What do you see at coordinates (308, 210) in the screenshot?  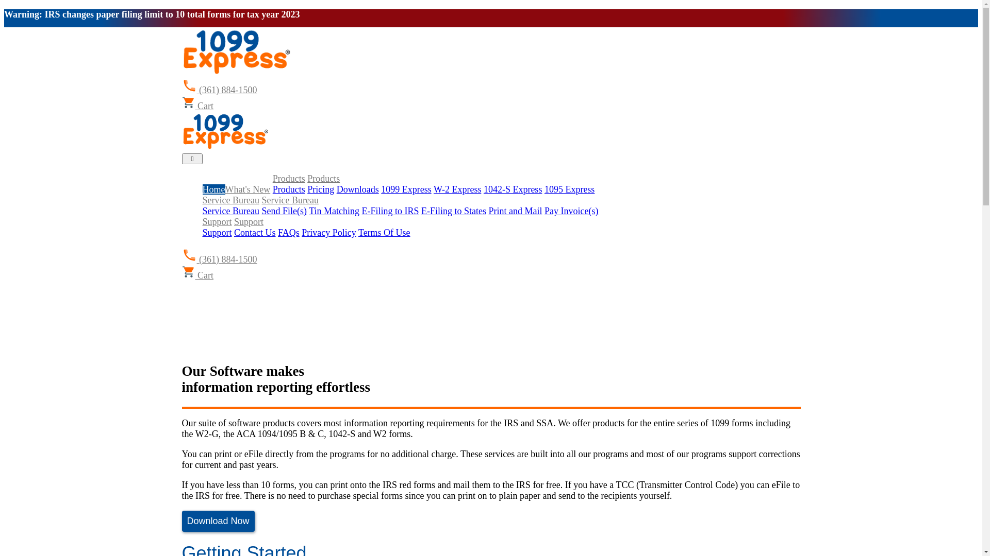 I see `'Tin Matching'` at bounding box center [308, 210].